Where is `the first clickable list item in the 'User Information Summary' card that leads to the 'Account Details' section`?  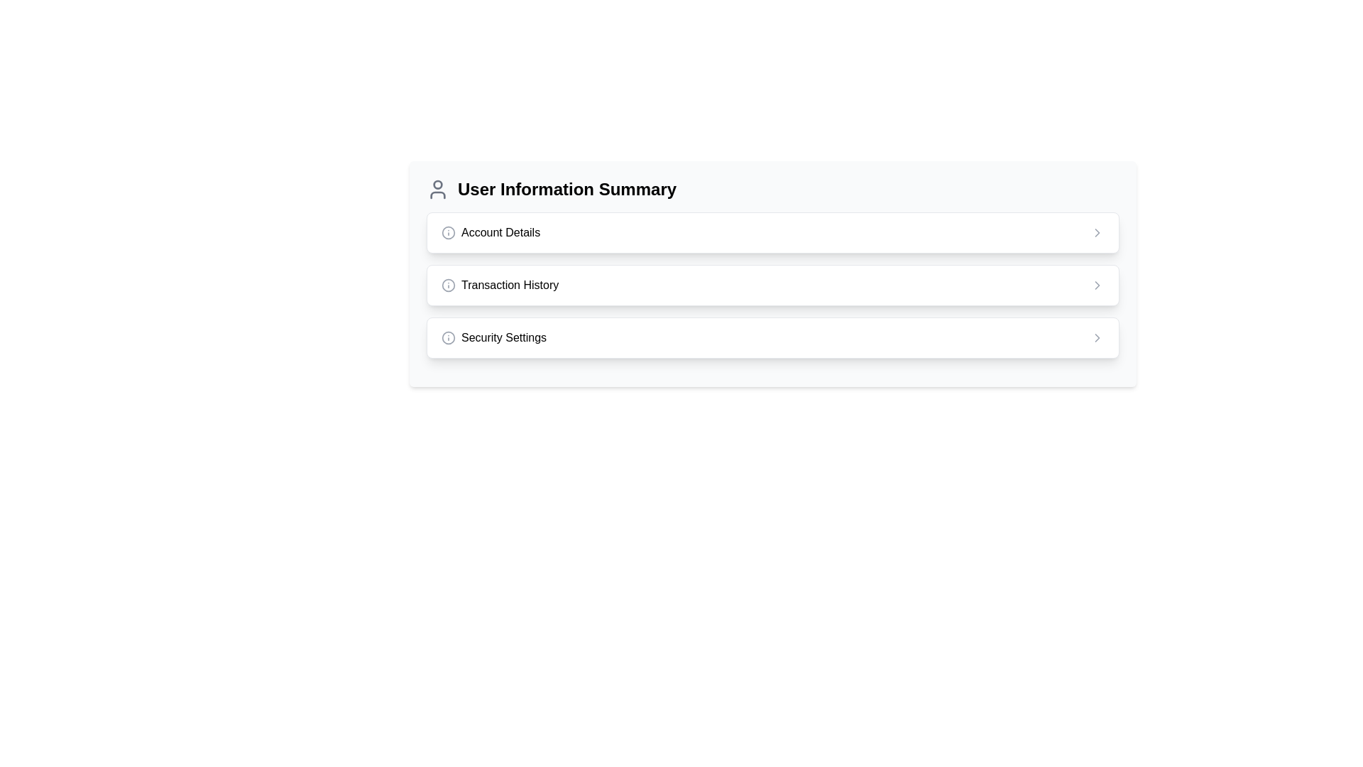 the first clickable list item in the 'User Information Summary' card that leads to the 'Account Details' section is located at coordinates (772, 232).